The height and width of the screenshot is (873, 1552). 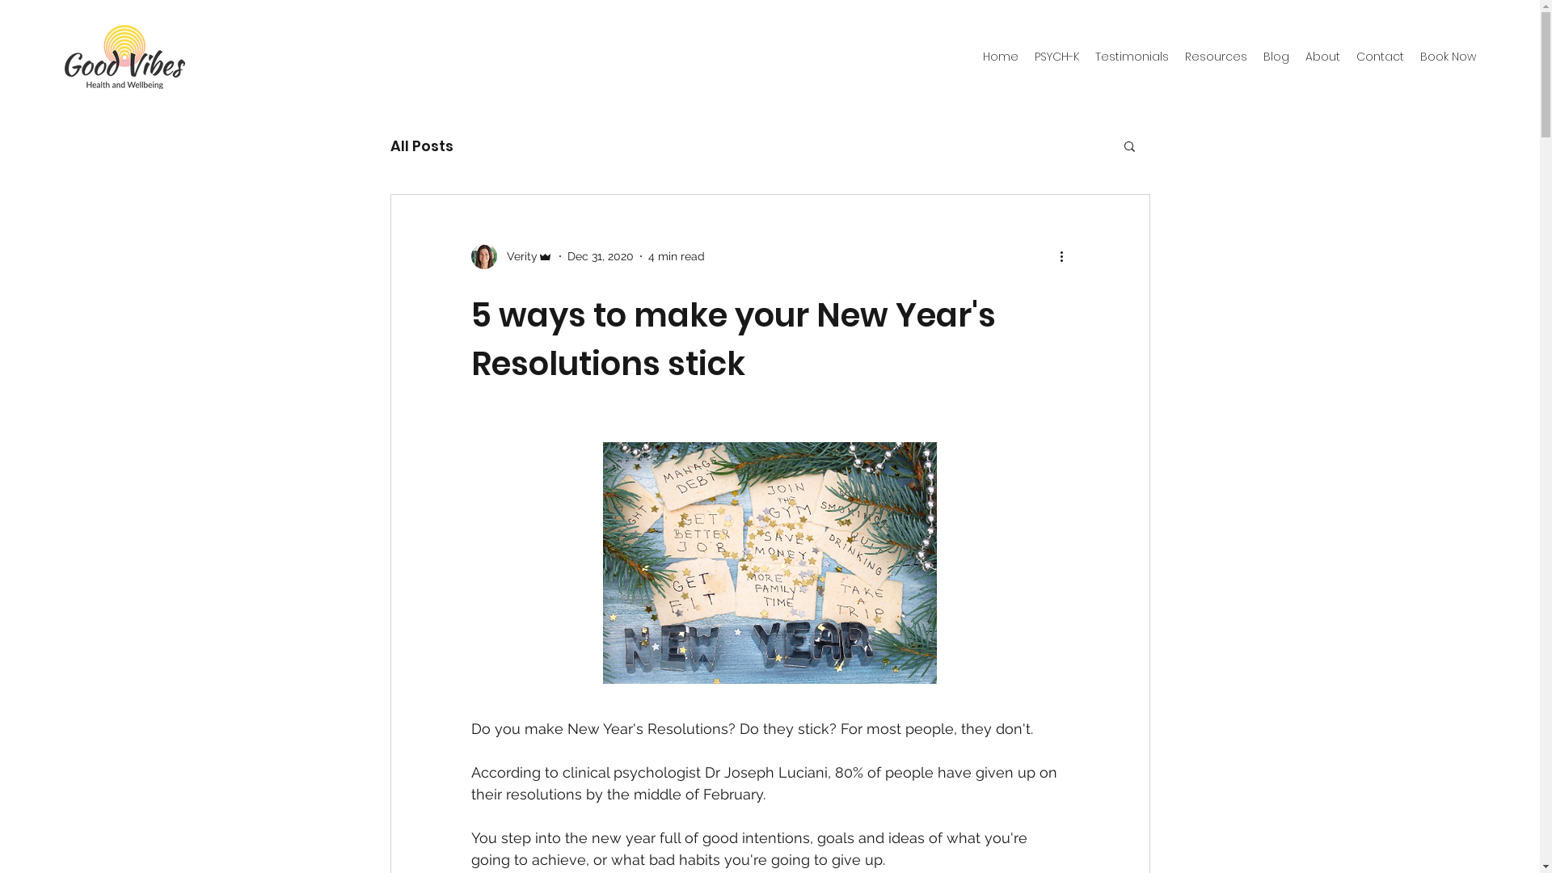 What do you see at coordinates (421, 144) in the screenshot?
I see `'All Posts'` at bounding box center [421, 144].